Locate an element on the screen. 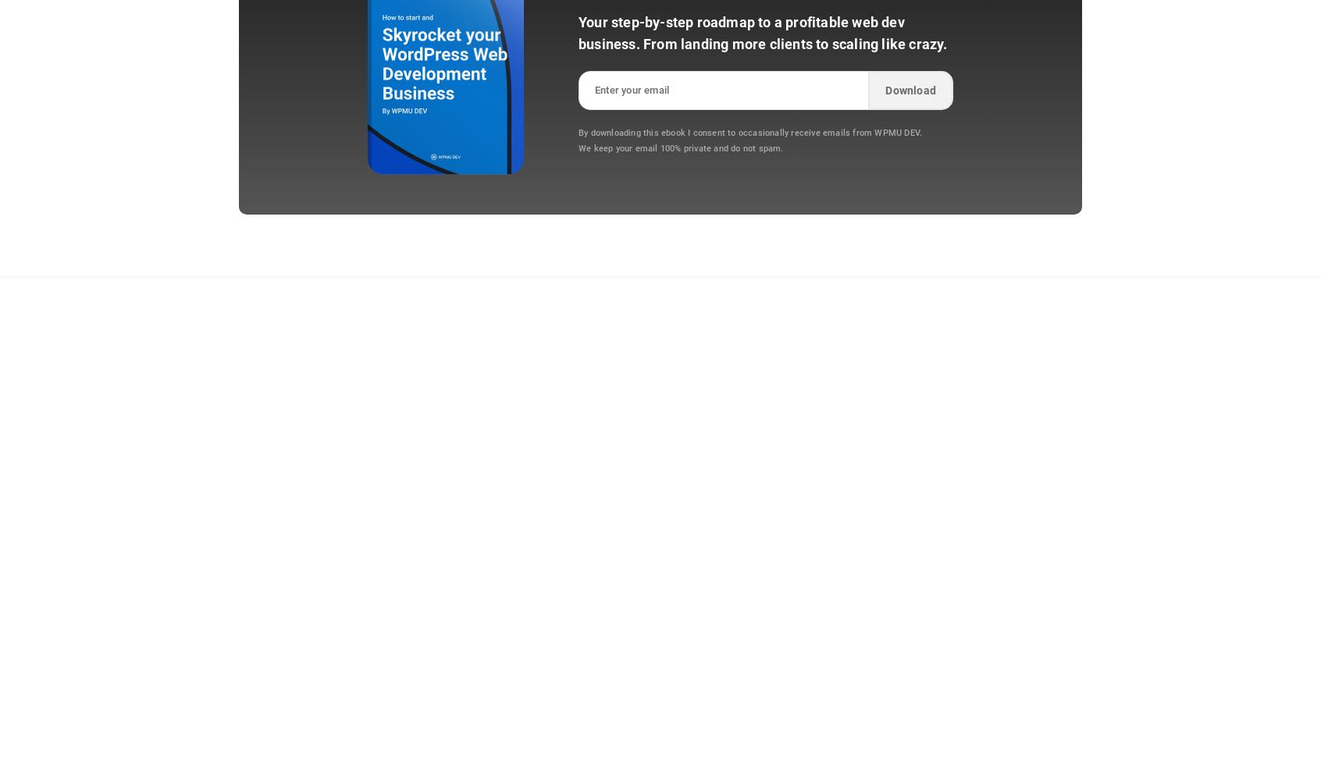 The image size is (1321, 760). 'By downloading this ebook I consent to occasionally receive emails from WPMU DEV.' is located at coordinates (750, 132).